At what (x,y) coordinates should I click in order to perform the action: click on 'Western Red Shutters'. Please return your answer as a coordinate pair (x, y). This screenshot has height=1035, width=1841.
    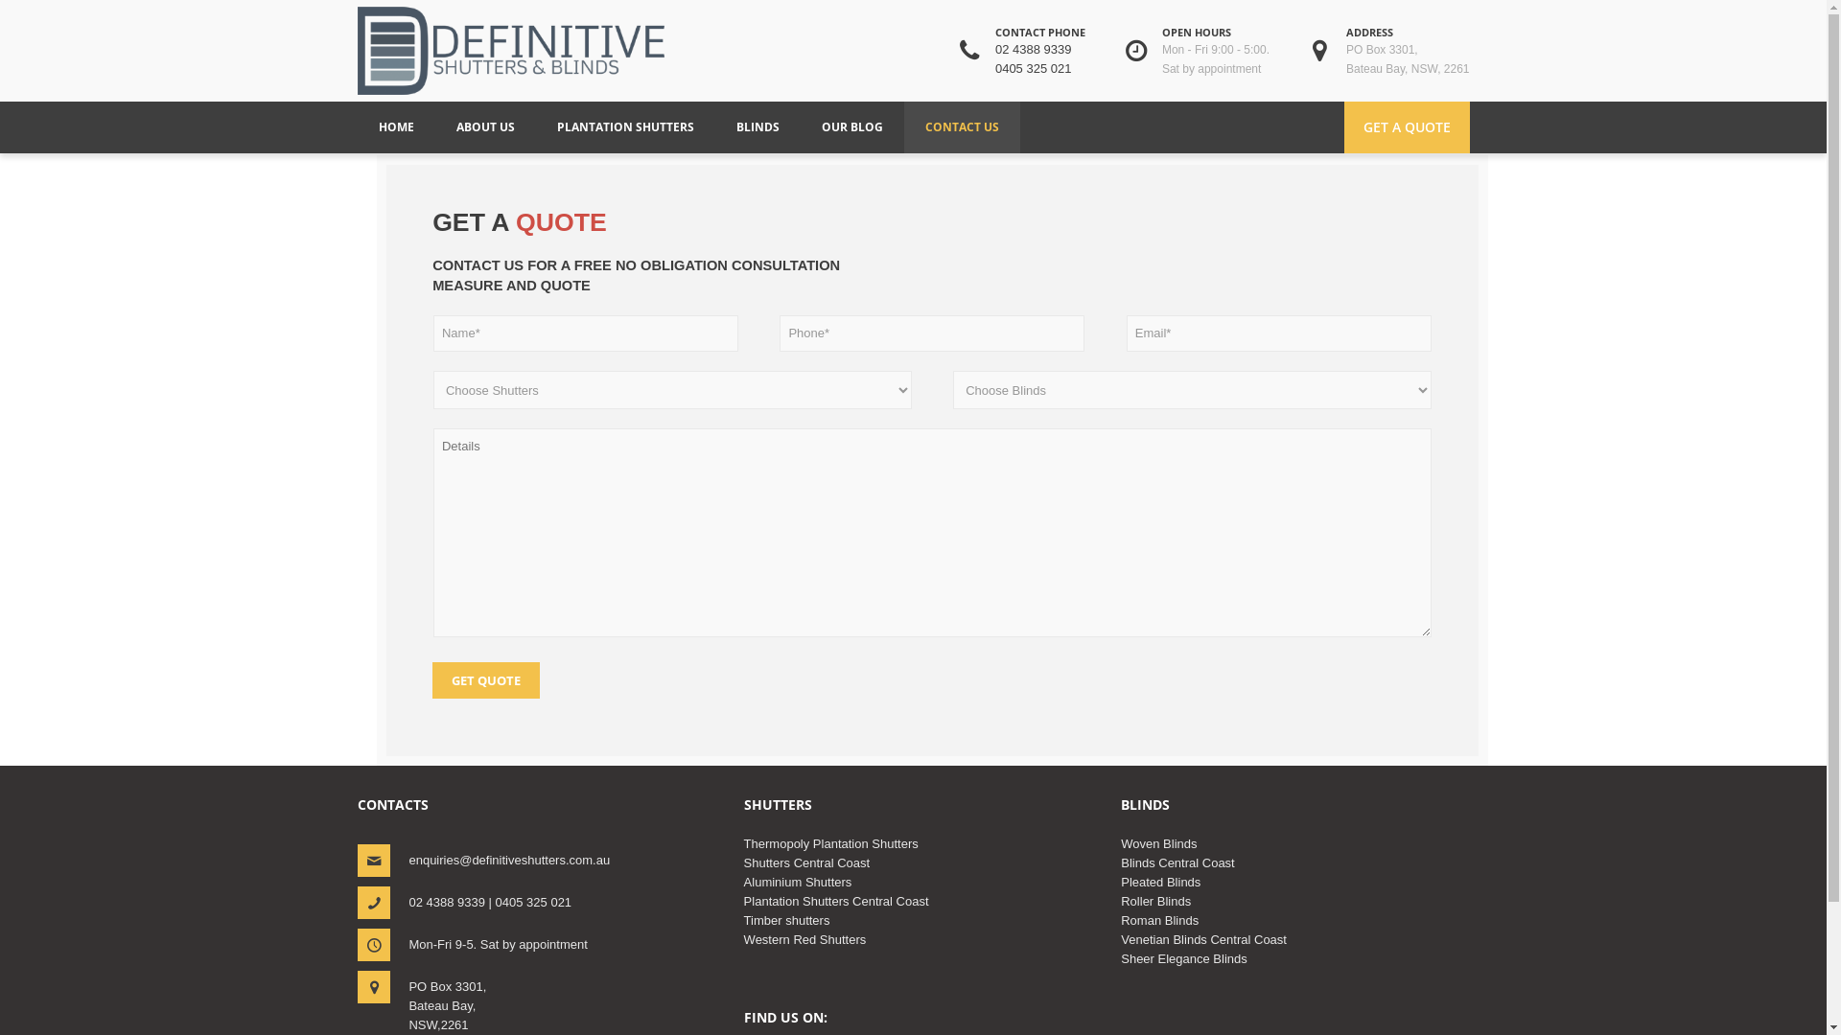
    Looking at the image, I should click on (805, 938).